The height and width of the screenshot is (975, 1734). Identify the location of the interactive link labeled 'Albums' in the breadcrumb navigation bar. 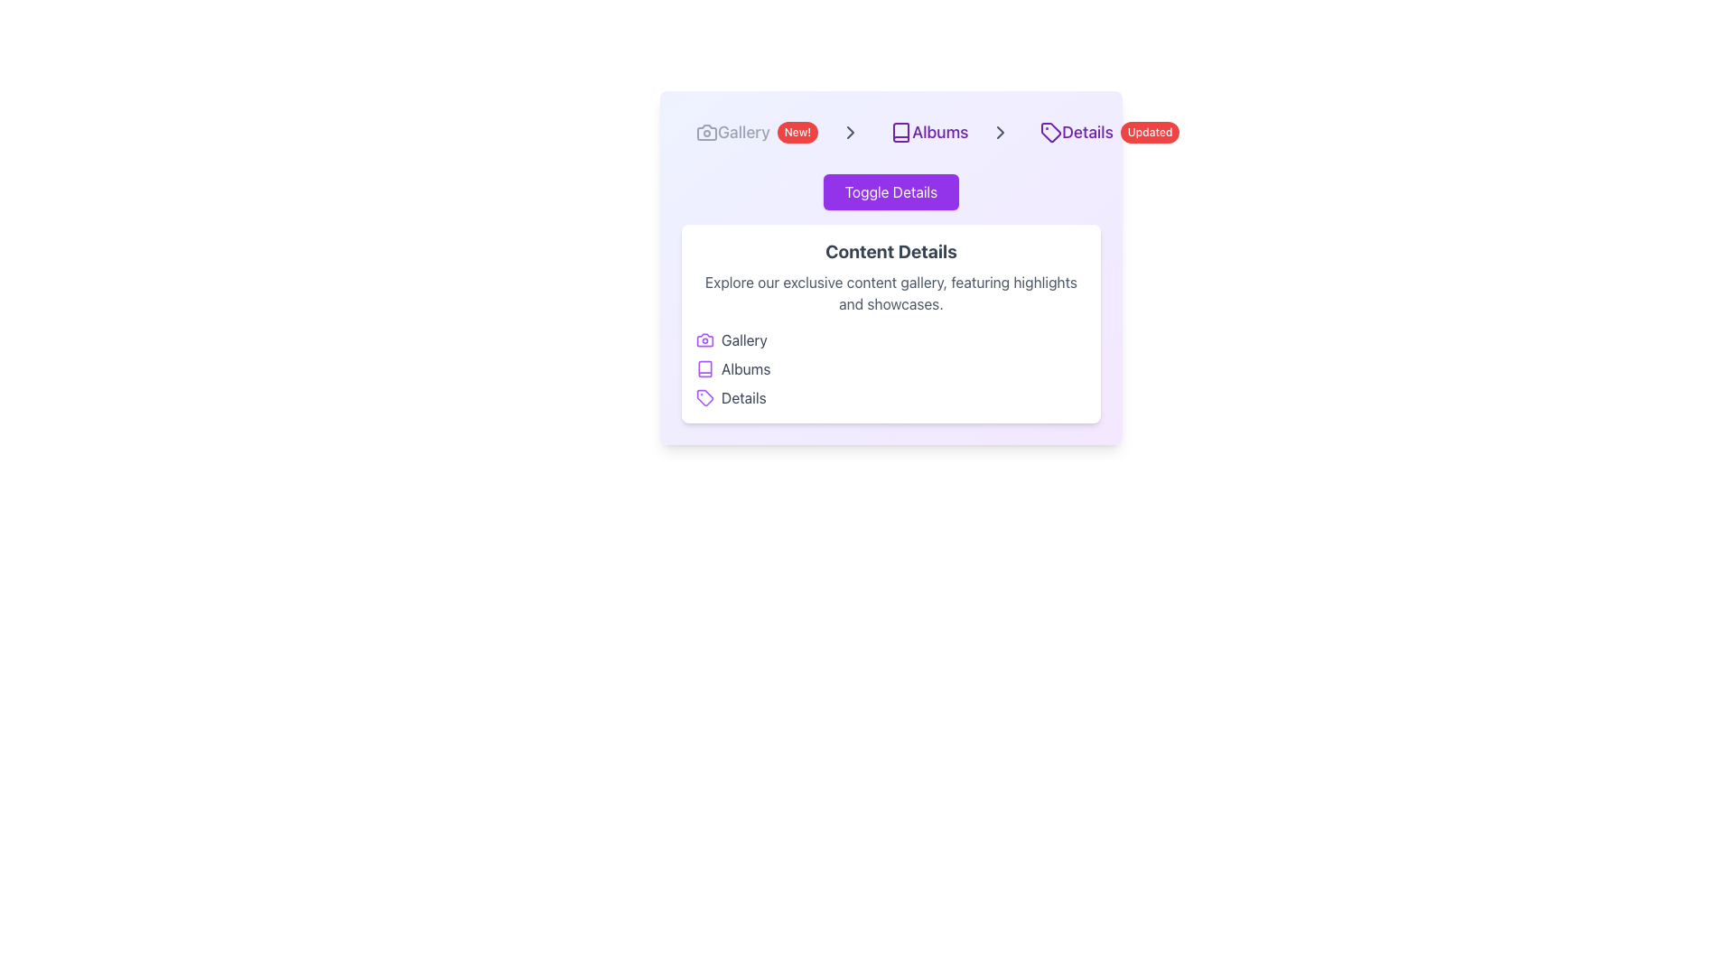
(891, 131).